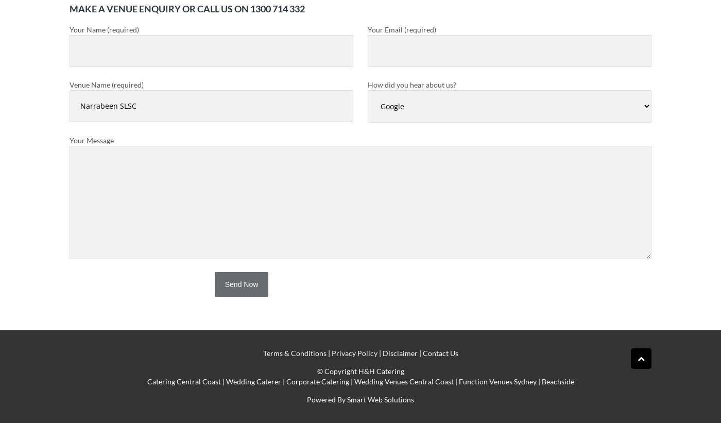  I want to click on 'Your Name (required)', so click(104, 29).